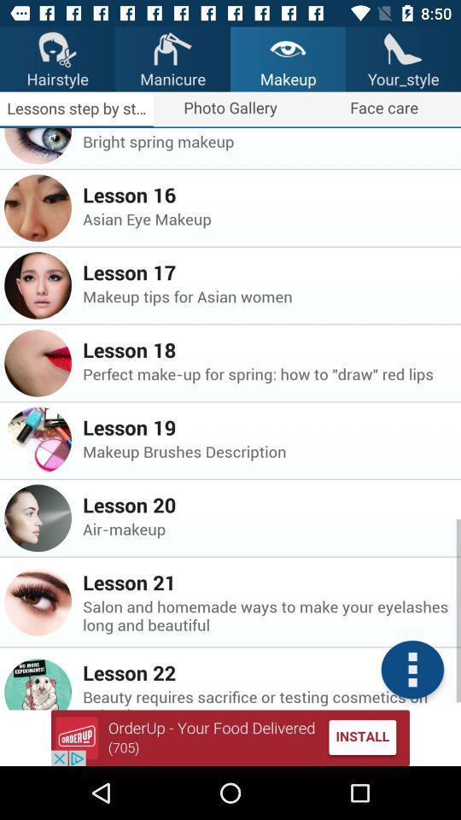 This screenshot has width=461, height=820. What do you see at coordinates (230, 737) in the screenshot?
I see `advertisement page` at bounding box center [230, 737].